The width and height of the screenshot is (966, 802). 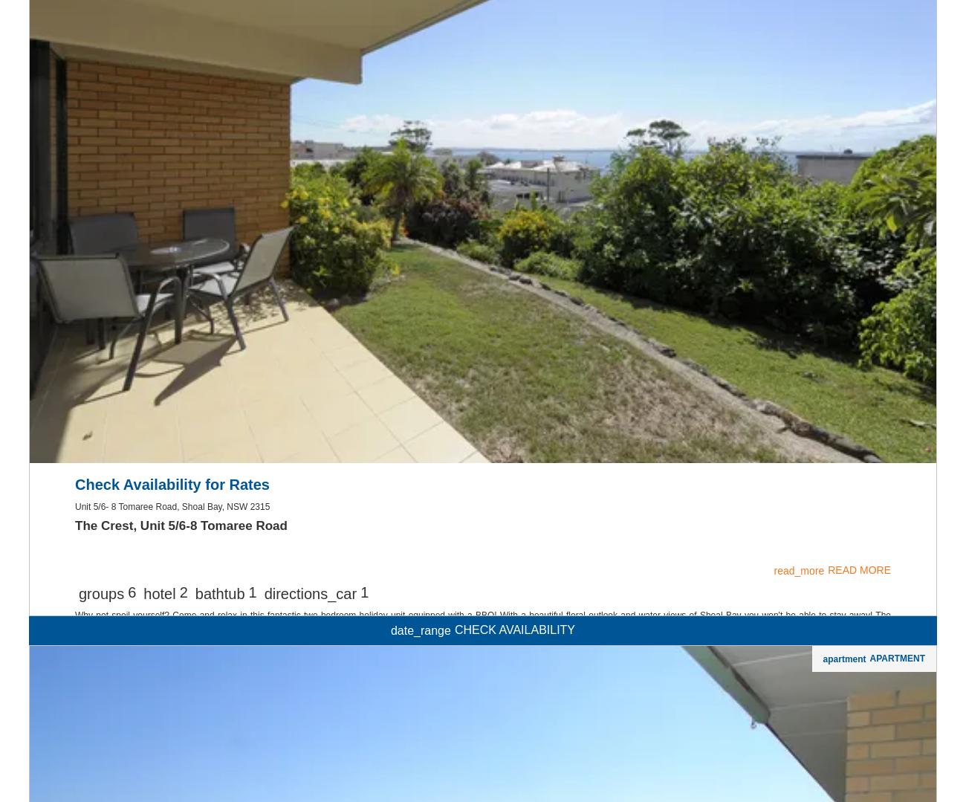 I want to click on 'Air Con', so click(x=482, y=122).